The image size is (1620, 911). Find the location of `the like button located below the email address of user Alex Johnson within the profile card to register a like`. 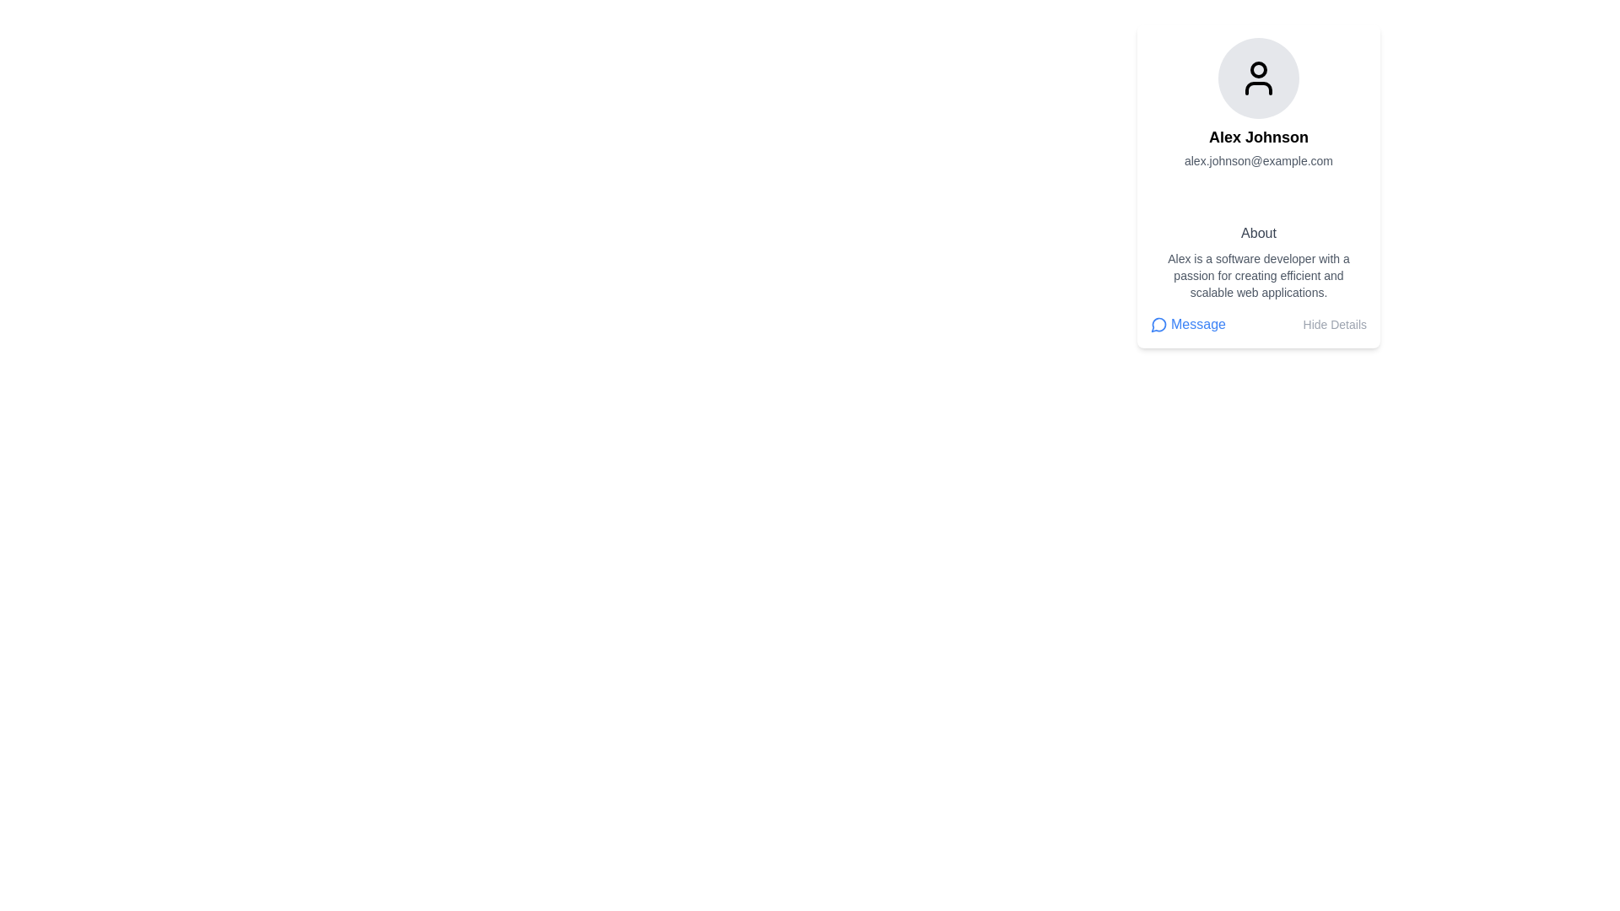

the like button located below the email address of user Alex Johnson within the profile card to register a like is located at coordinates (1259, 191).